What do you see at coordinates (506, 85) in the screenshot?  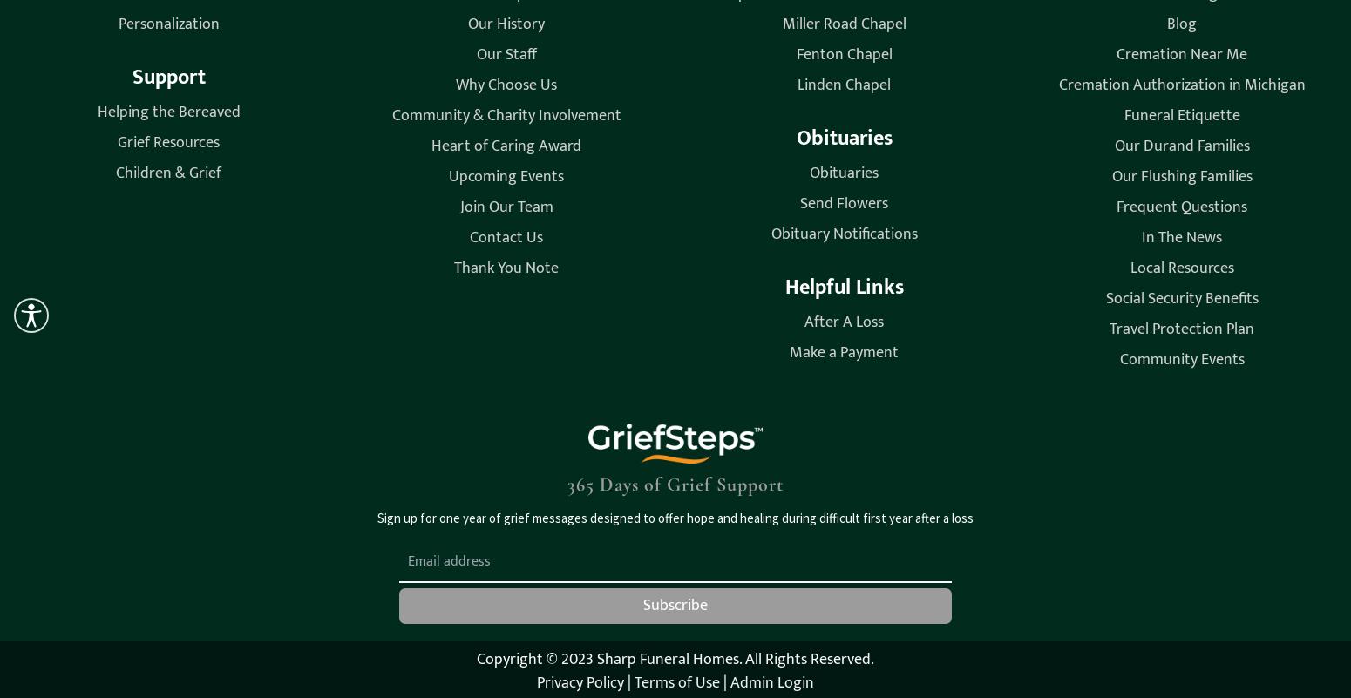 I see `'Why Choose Us'` at bounding box center [506, 85].